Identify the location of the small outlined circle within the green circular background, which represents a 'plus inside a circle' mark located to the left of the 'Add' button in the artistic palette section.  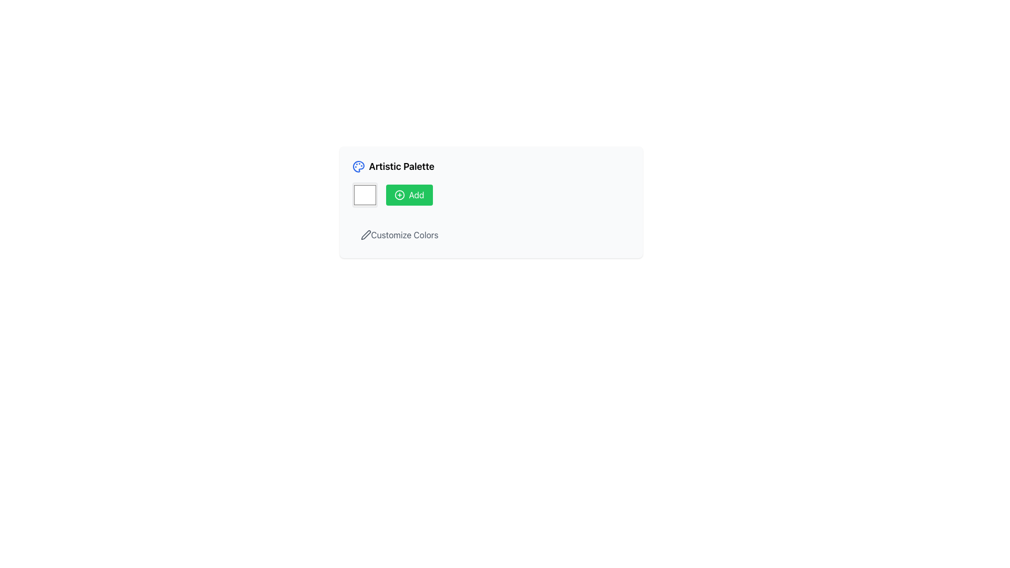
(399, 195).